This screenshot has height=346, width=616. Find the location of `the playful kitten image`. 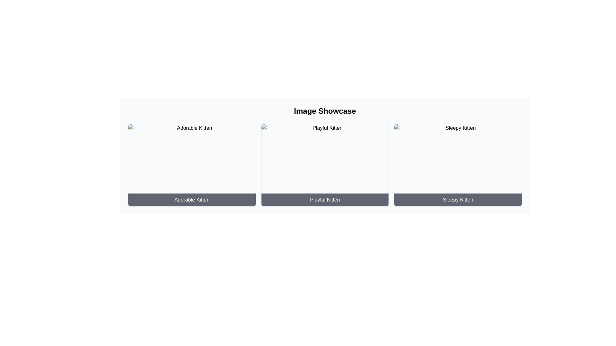

the playful kitten image is located at coordinates (325, 165).